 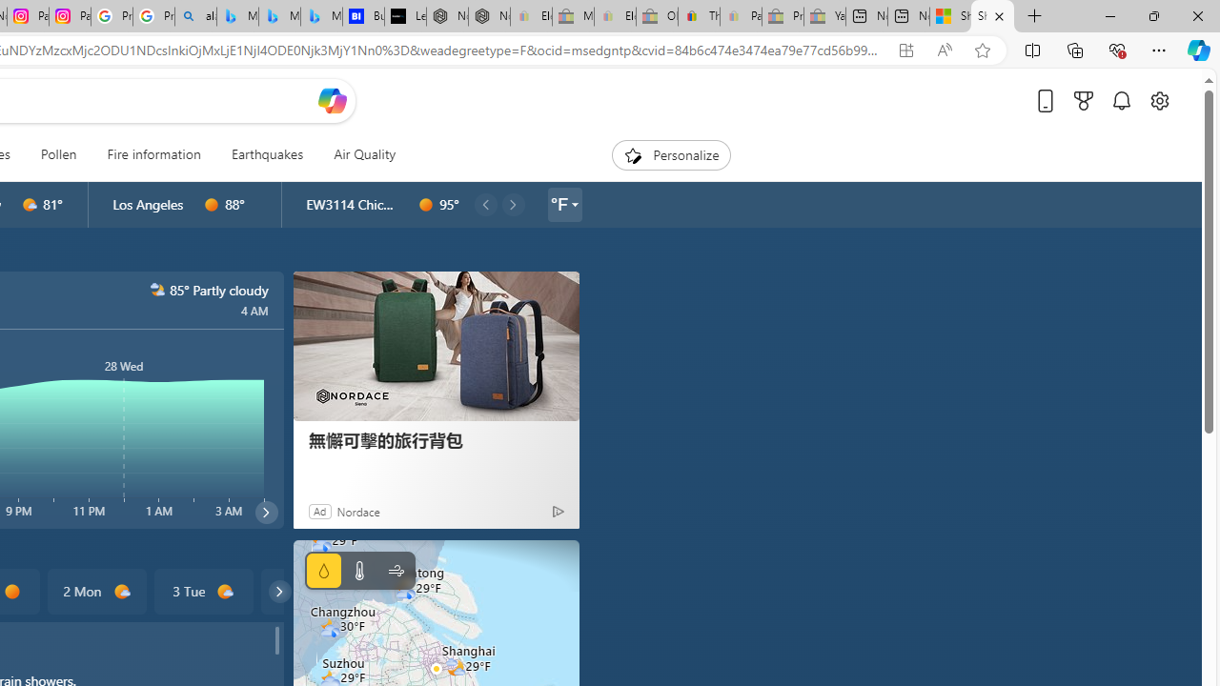 I want to click on 'Payments Terms of Use | eBay.com - Sleeping', so click(x=740, y=16).